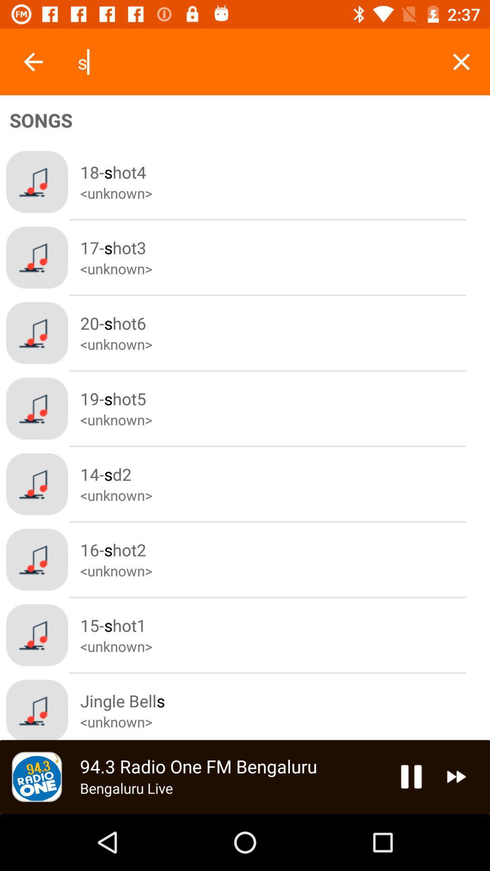 Image resolution: width=490 pixels, height=871 pixels. Describe the element at coordinates (411, 776) in the screenshot. I see `the pause icon` at that location.